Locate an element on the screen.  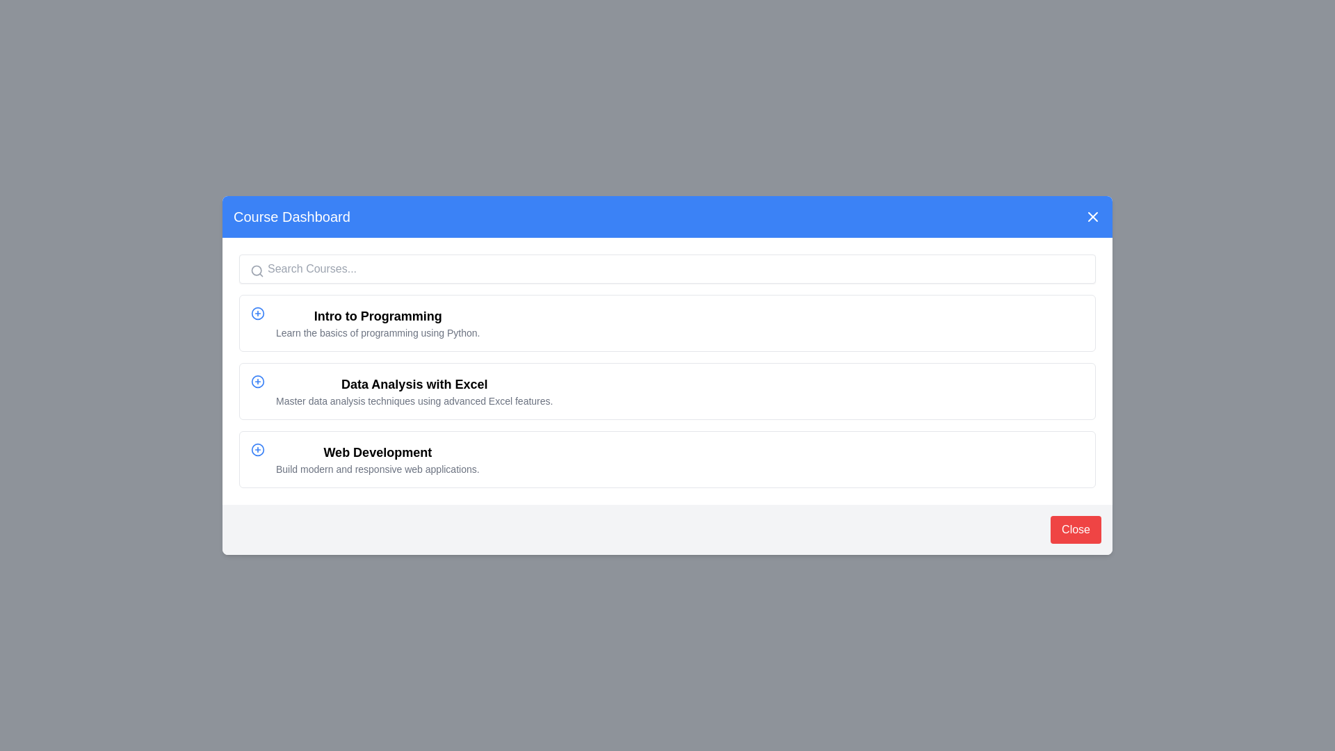
title and description of the text-based descriptive component located in the third row of the list, positioned centrally beneath 'Intro to Programming' and 'Data Analysis with Excel.' is located at coordinates (378, 459).